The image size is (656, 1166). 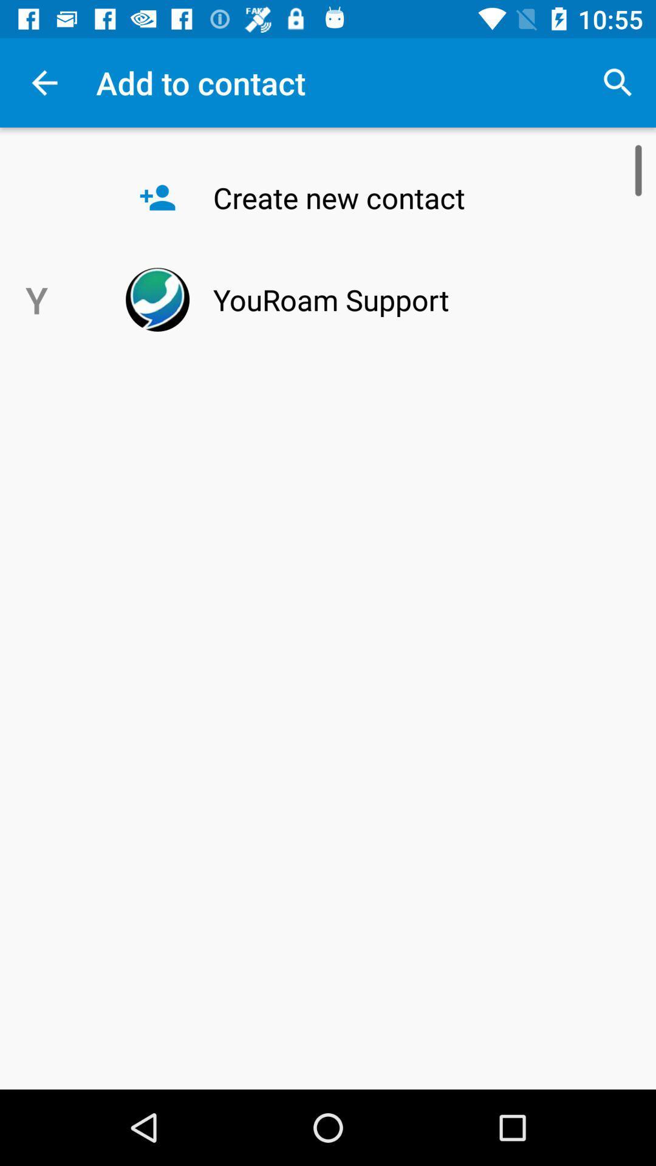 I want to click on the item above the y, so click(x=44, y=82).